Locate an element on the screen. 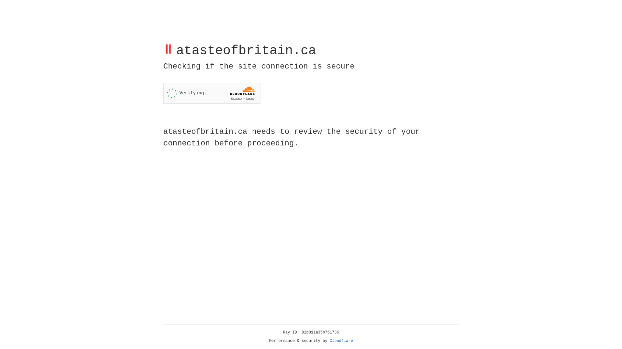 The width and height of the screenshot is (622, 349). 'Cloudflare' is located at coordinates (329, 341).